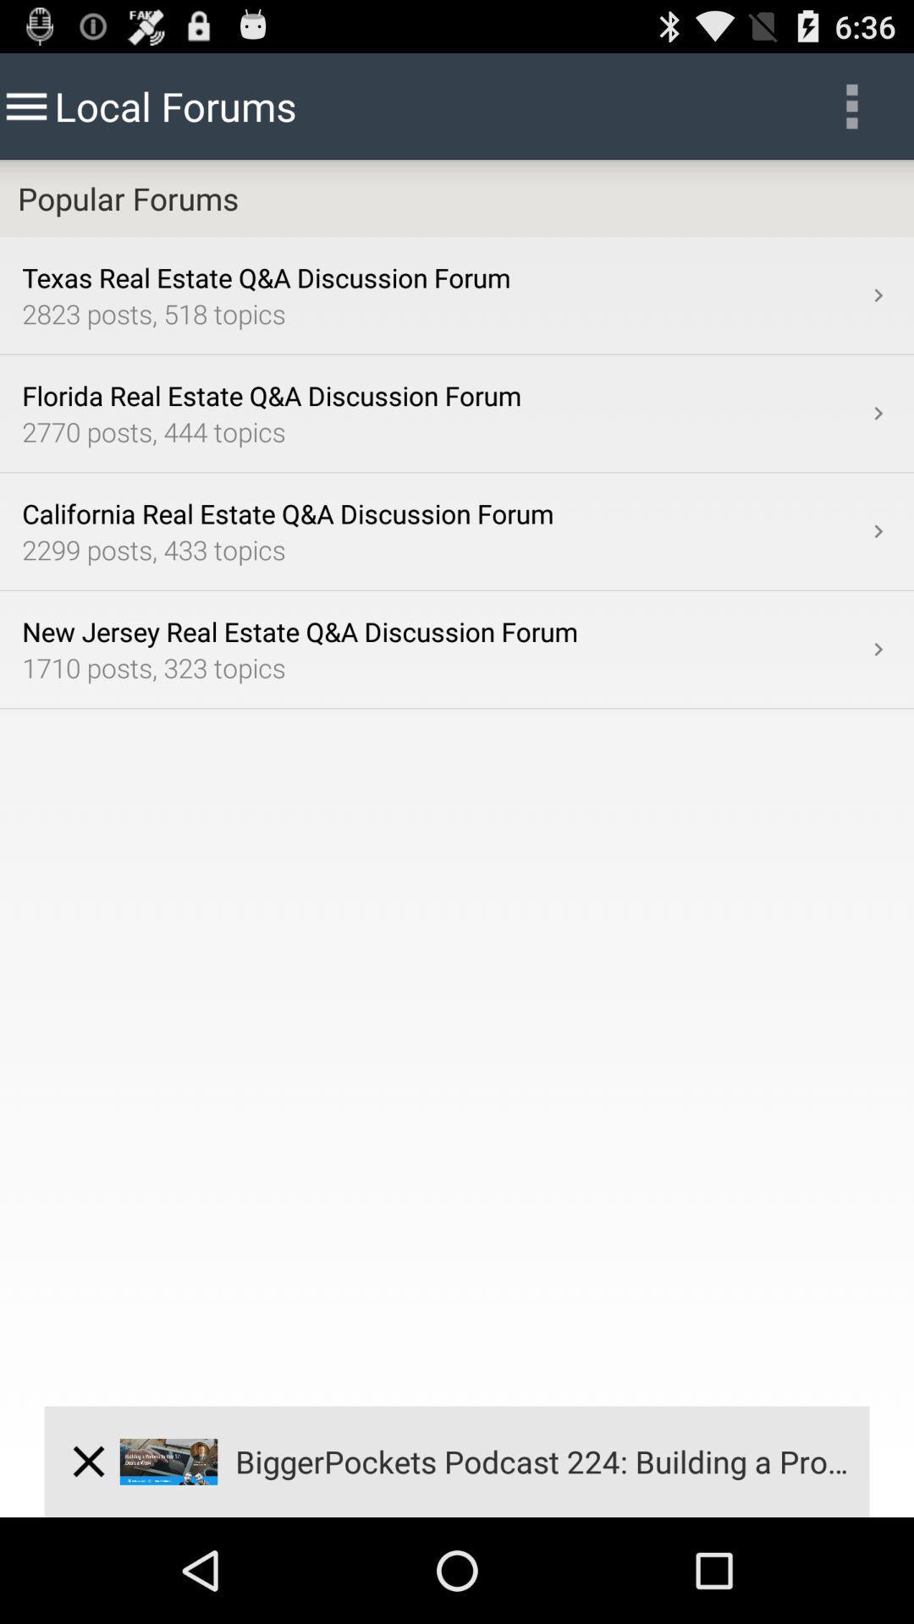 The height and width of the screenshot is (1624, 914). I want to click on the app below the popular forums, so click(877, 295).